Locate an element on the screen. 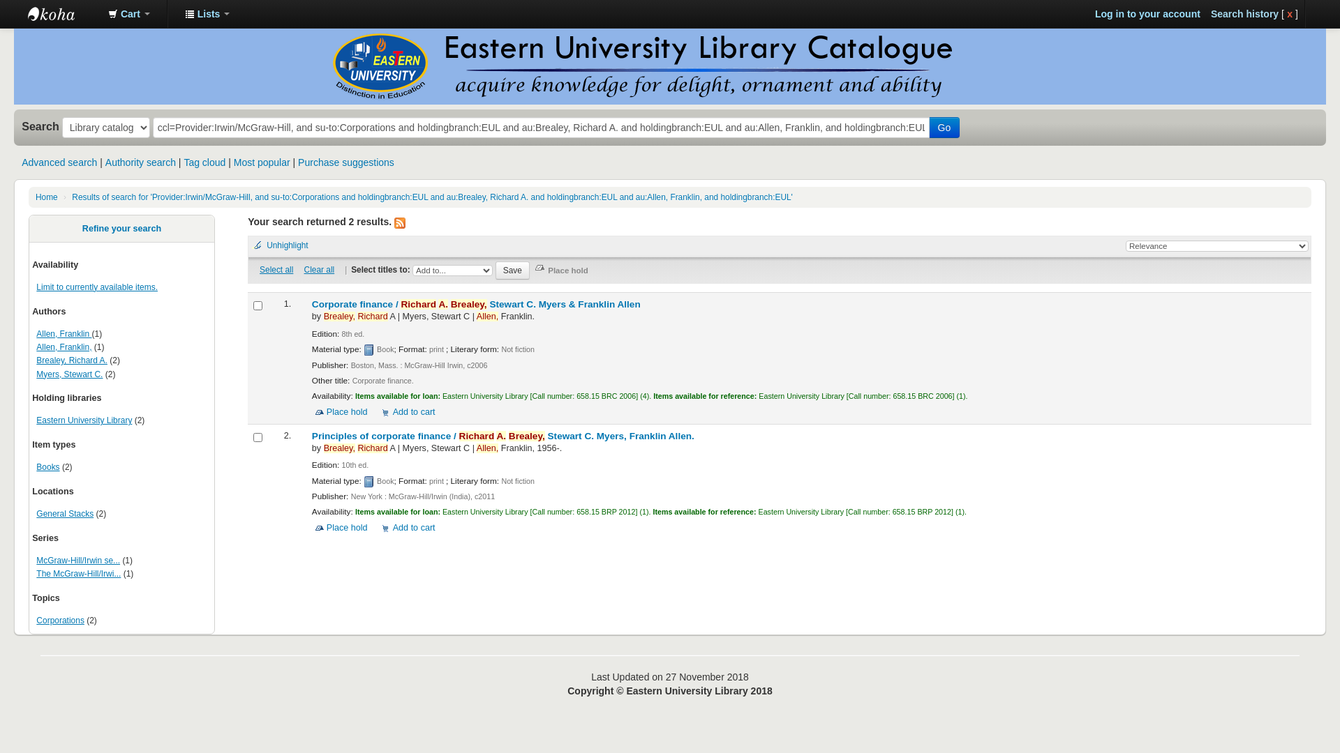  'Unhighlight' is located at coordinates (283, 244).